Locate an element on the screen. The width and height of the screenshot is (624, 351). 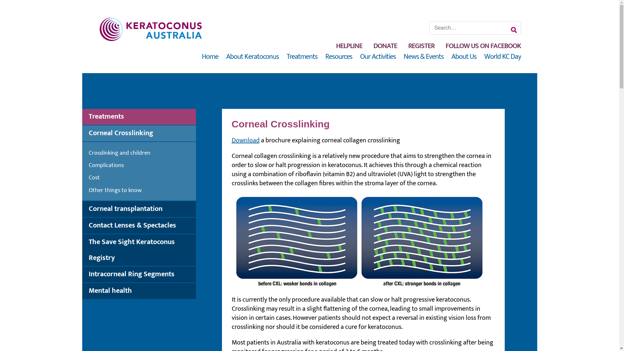
'DONATE' is located at coordinates (385, 45).